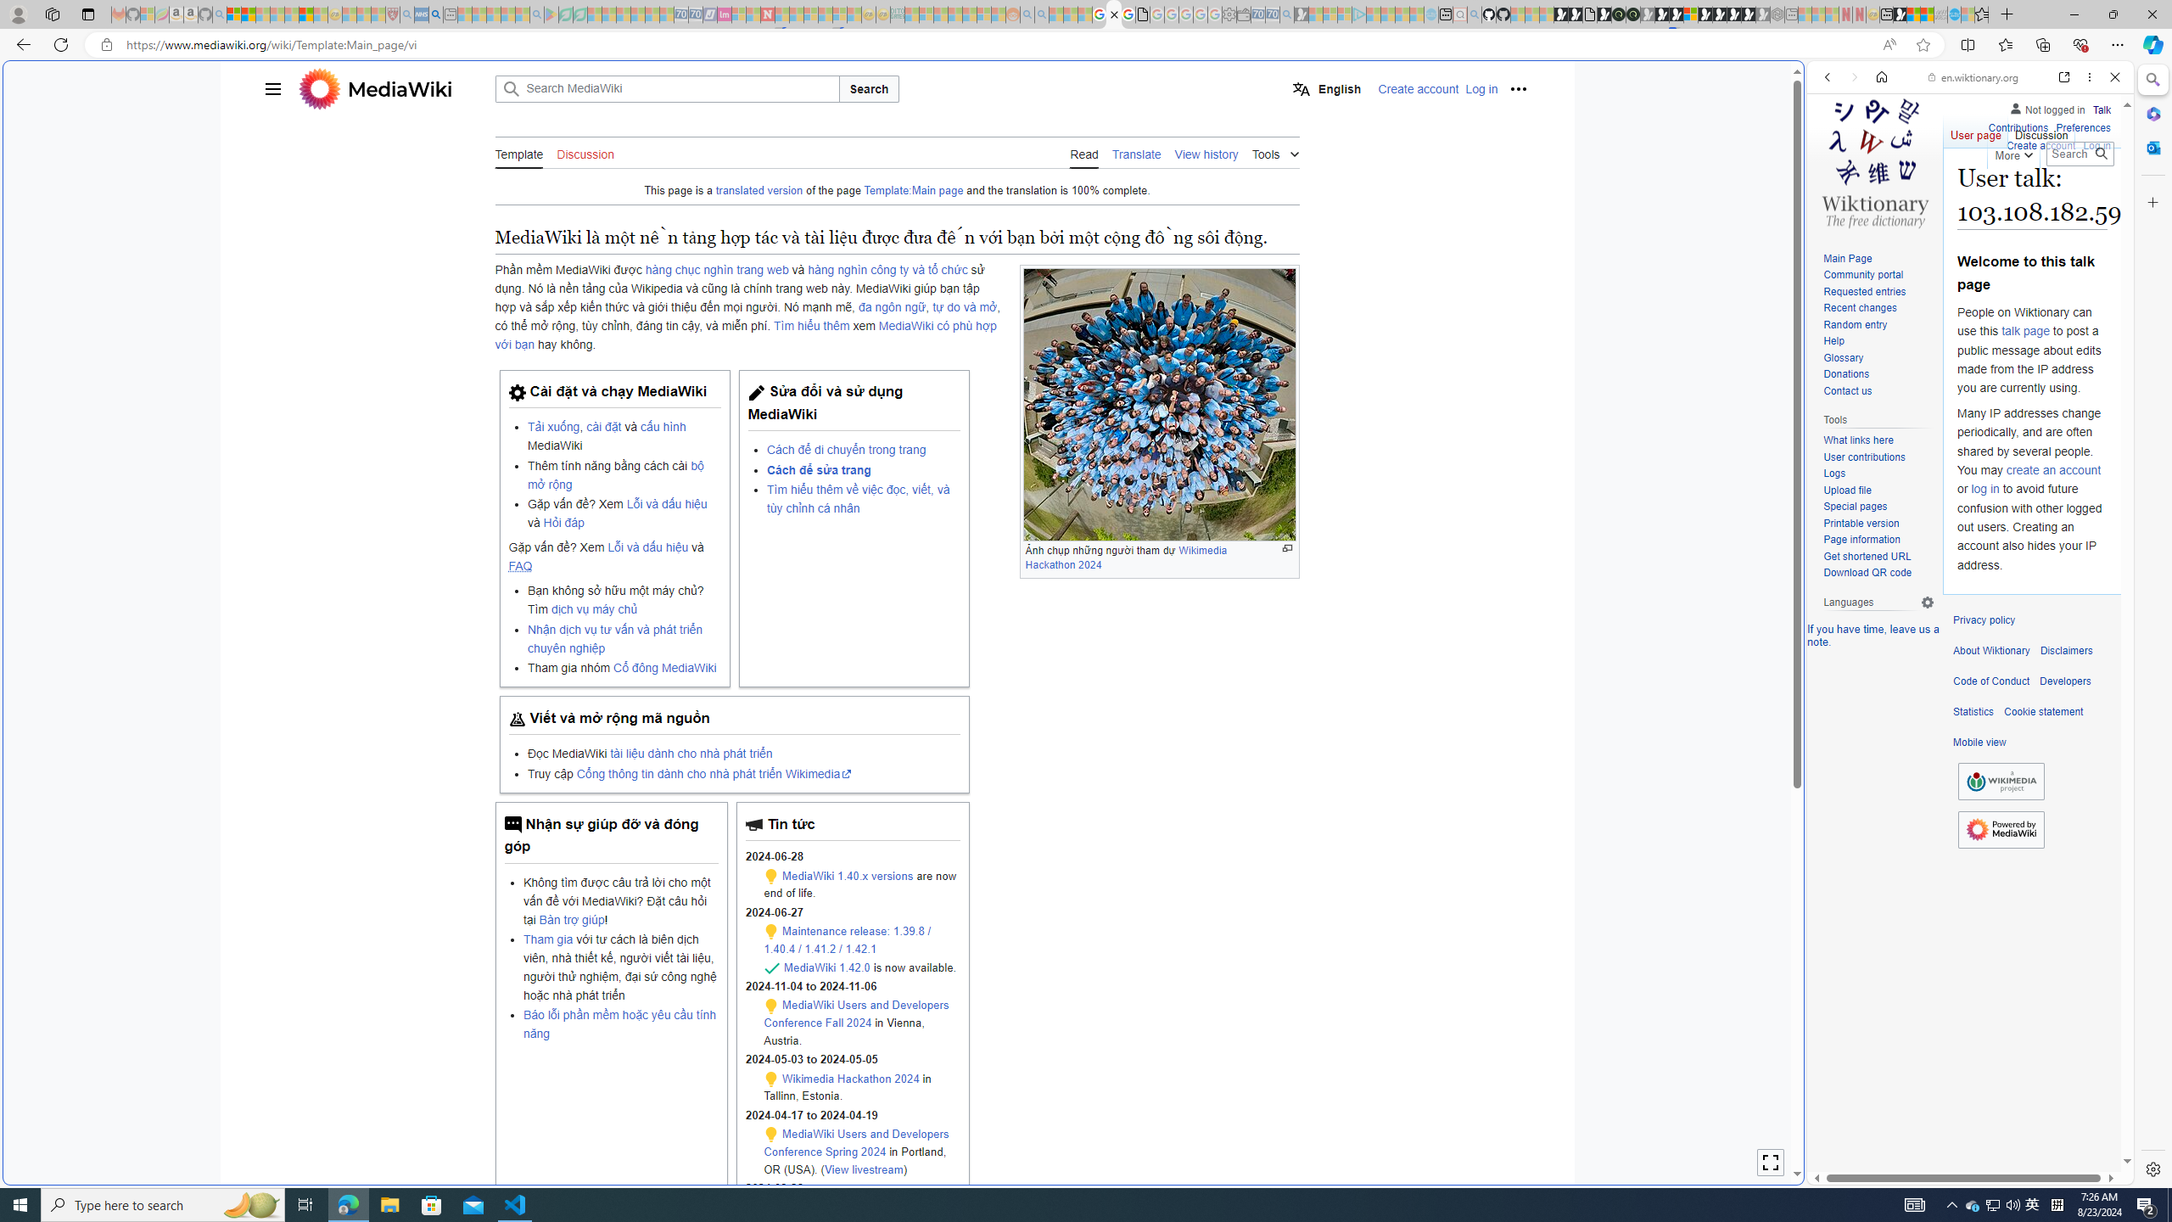 The width and height of the screenshot is (2172, 1222). I want to click on 'create an account', so click(2053, 468).